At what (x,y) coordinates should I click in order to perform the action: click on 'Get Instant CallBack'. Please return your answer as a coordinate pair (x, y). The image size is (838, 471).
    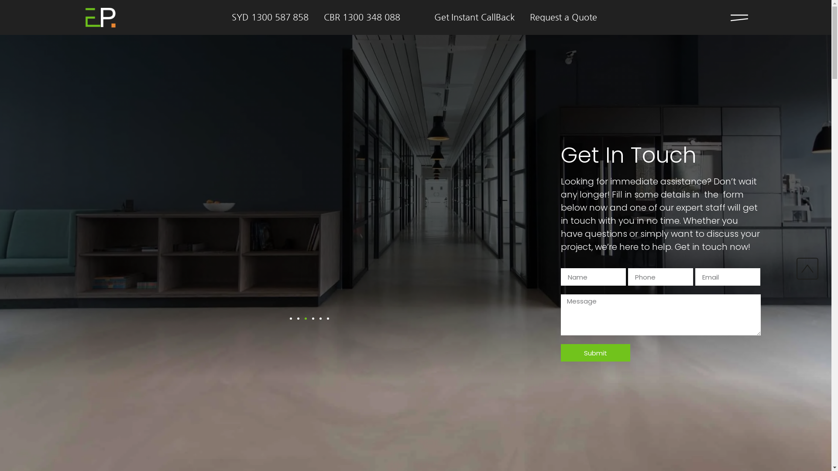
    Looking at the image, I should click on (474, 17).